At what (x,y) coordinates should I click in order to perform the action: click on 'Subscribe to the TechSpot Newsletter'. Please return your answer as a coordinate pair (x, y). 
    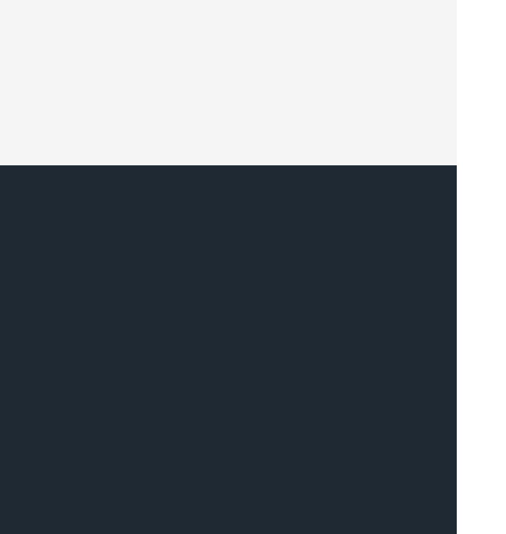
    Looking at the image, I should click on (270, 360).